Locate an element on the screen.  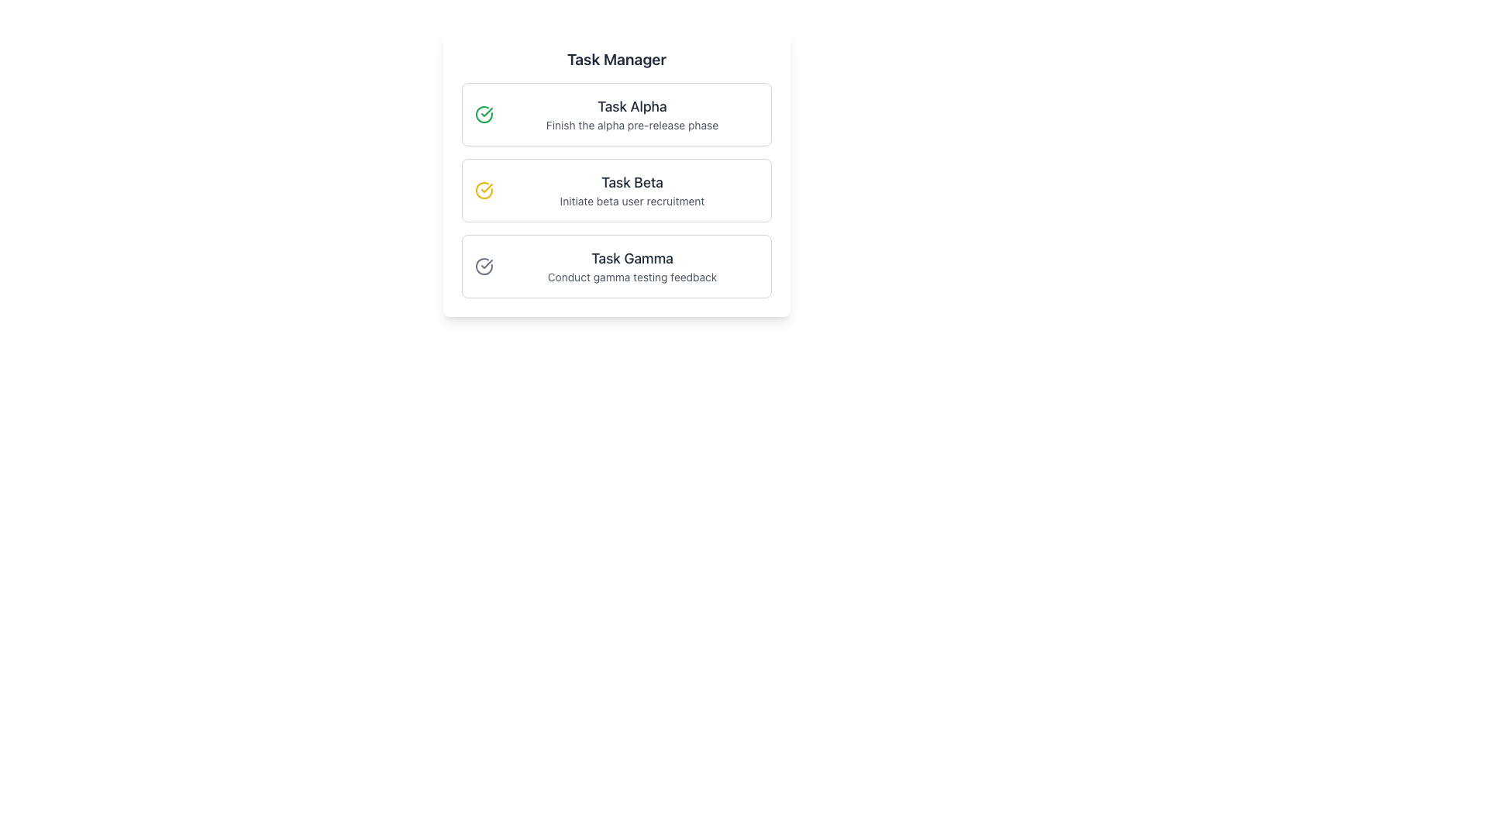
the Circular Status Indicator Icon located to the left of the text 'Task Beta', which is the second icon in a series of task status indicators is located at coordinates (483, 190).